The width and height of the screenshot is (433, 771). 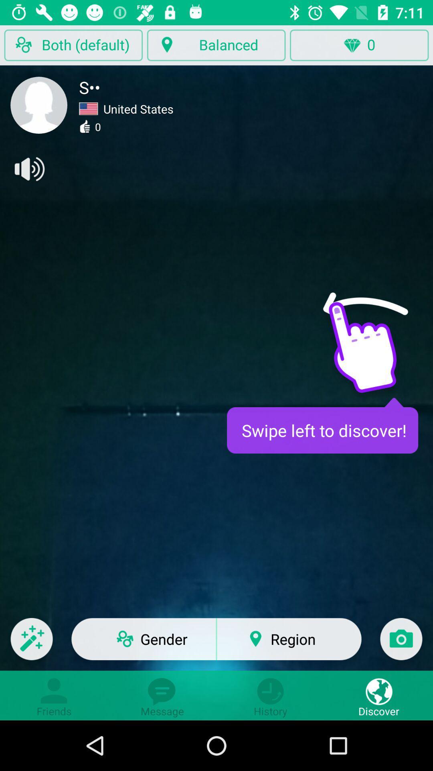 I want to click on hand icon, so click(x=379, y=353).